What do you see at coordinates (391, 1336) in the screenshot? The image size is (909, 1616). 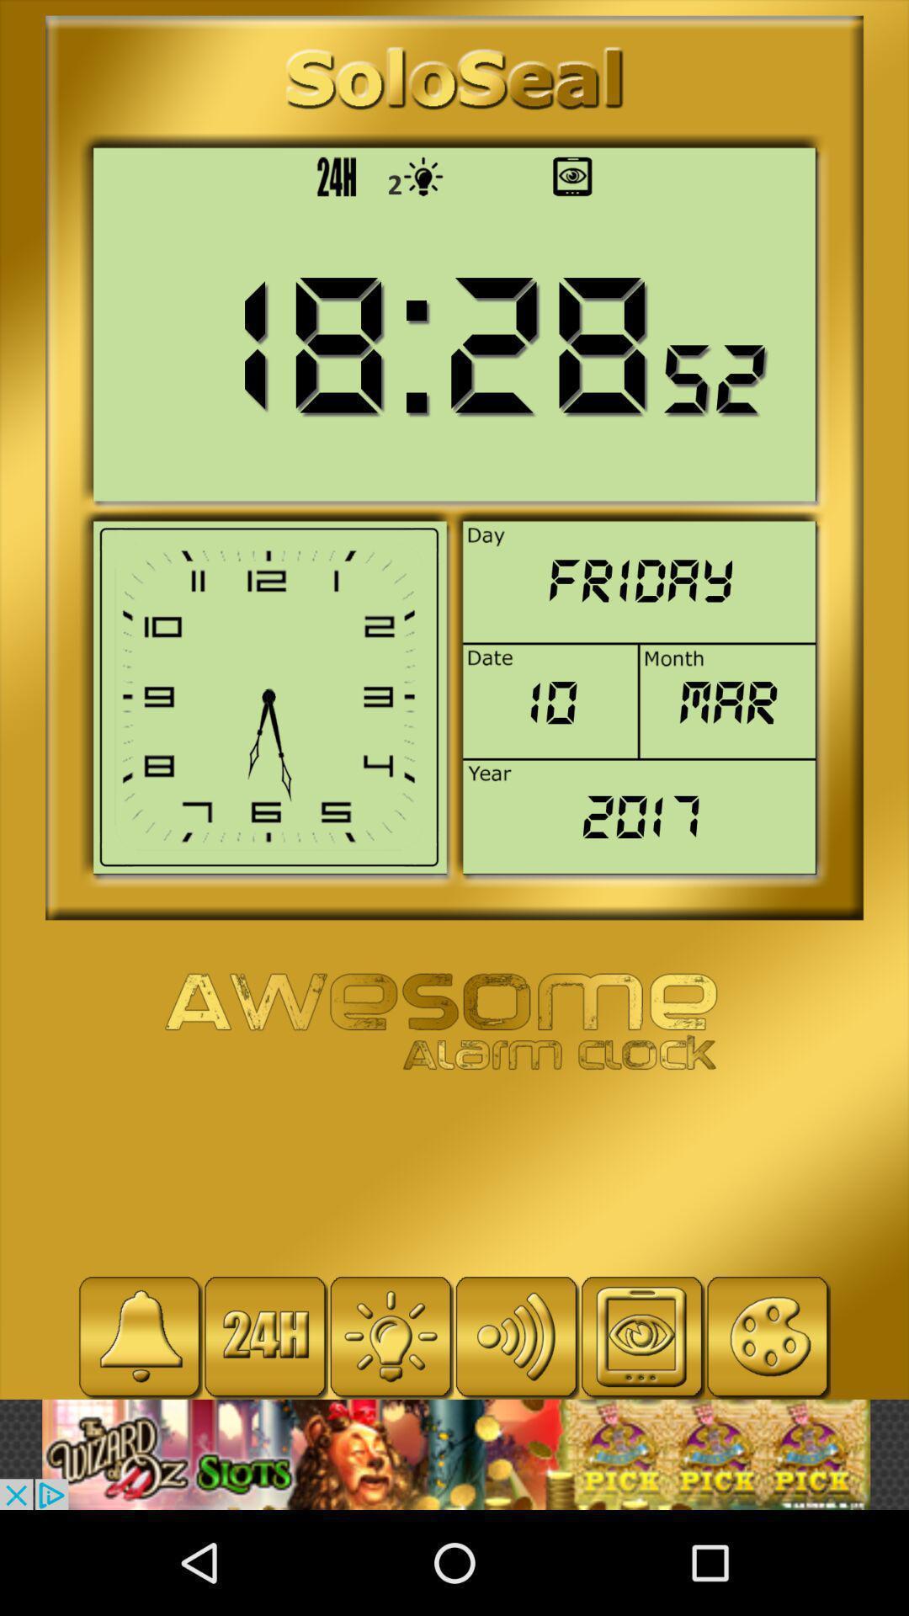 I see `bright ness button` at bounding box center [391, 1336].